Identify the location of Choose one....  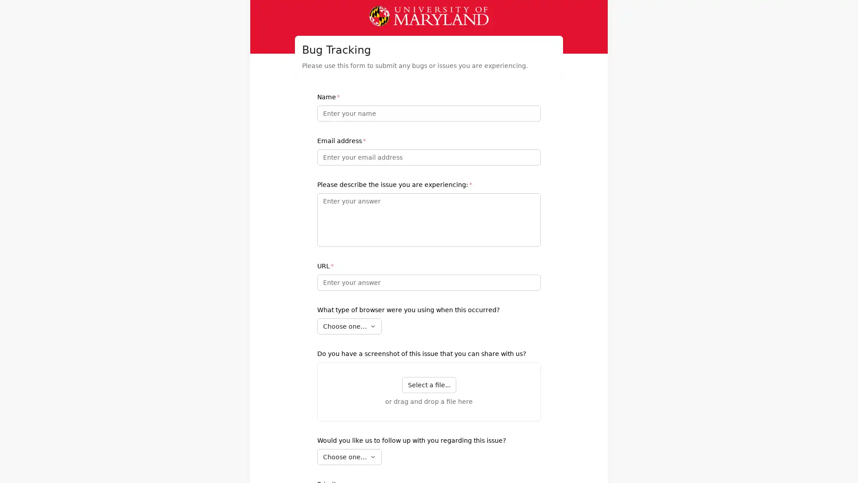
(349, 457).